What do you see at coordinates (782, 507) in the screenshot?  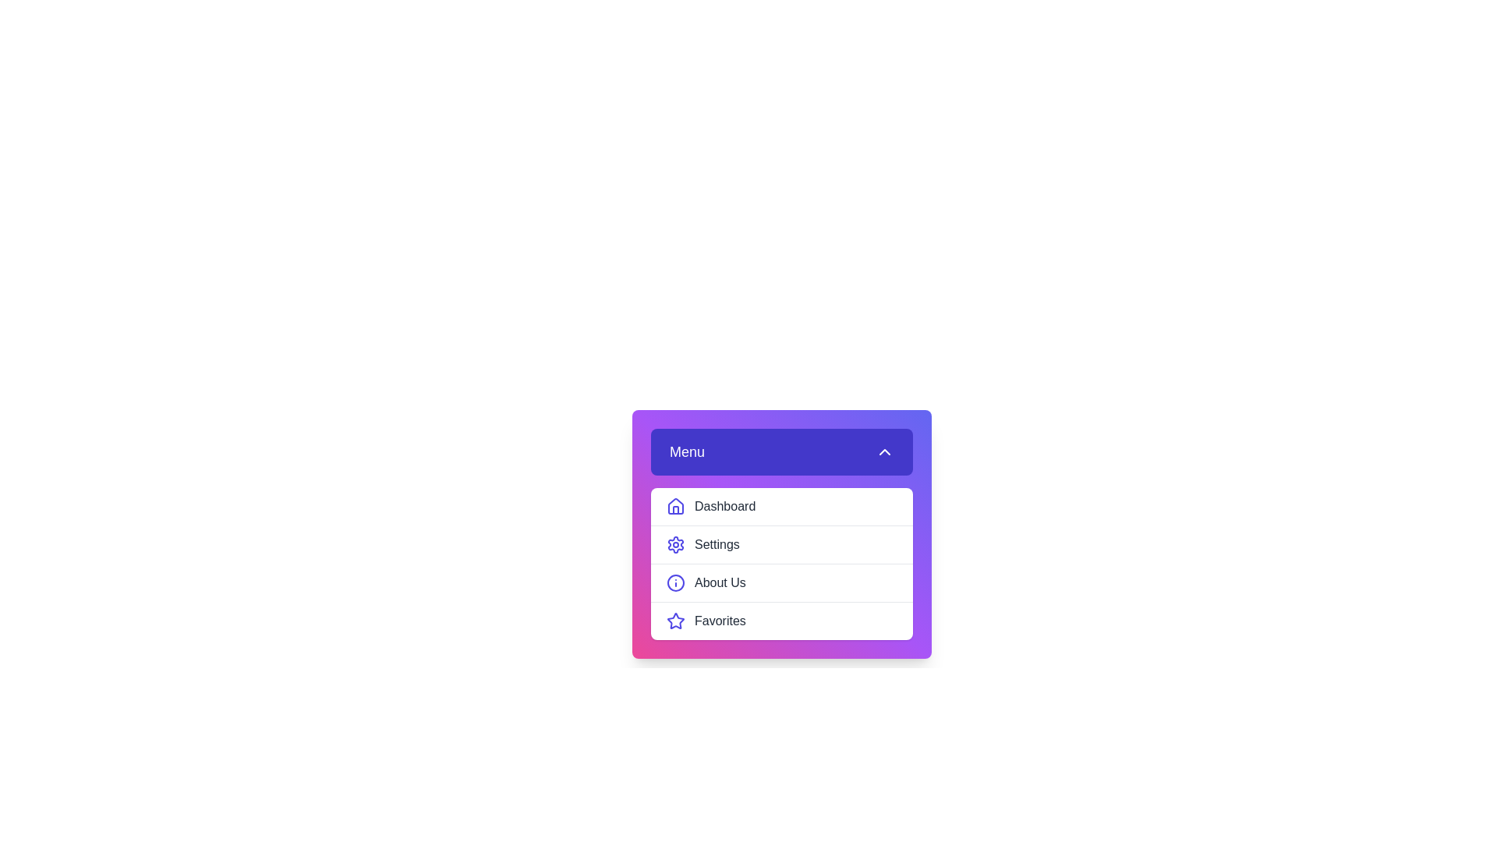 I see `the menu item Dashboard from the menu` at bounding box center [782, 507].